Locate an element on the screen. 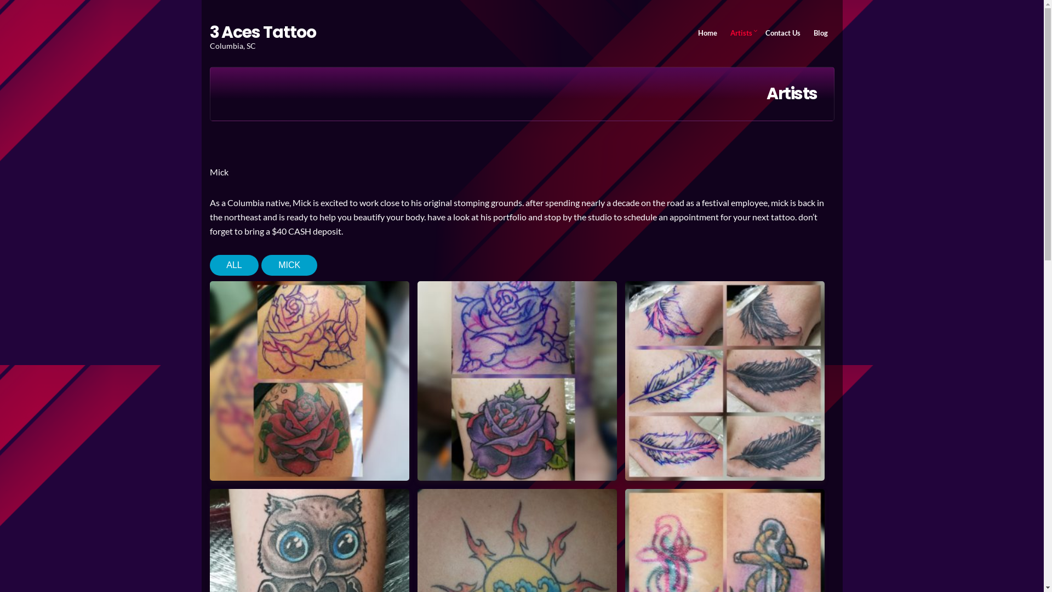  'MICK' is located at coordinates (289, 265).